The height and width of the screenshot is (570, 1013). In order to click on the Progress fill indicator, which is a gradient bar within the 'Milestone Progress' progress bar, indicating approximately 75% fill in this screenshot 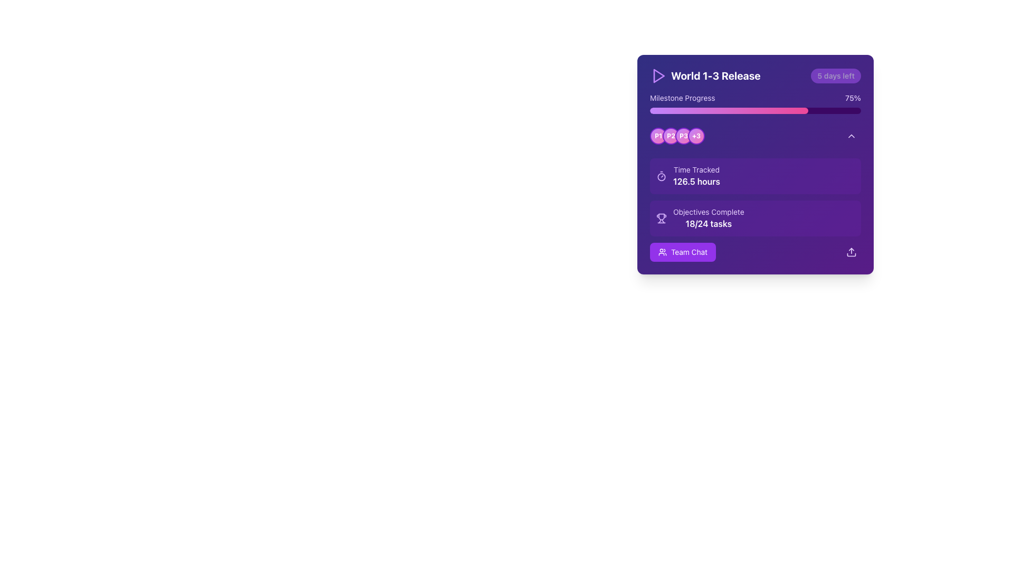, I will do `click(729, 110)`.